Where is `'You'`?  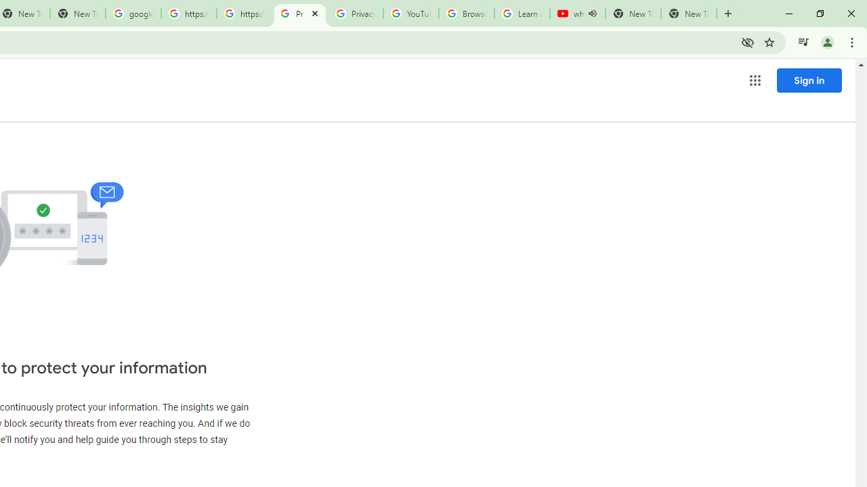 'You' is located at coordinates (826, 41).